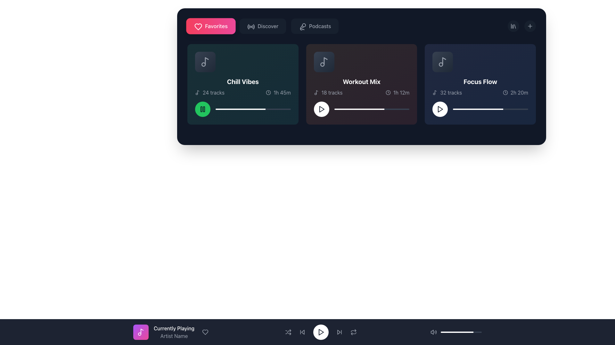  Describe the element at coordinates (472, 109) in the screenshot. I see `the slider position` at that location.